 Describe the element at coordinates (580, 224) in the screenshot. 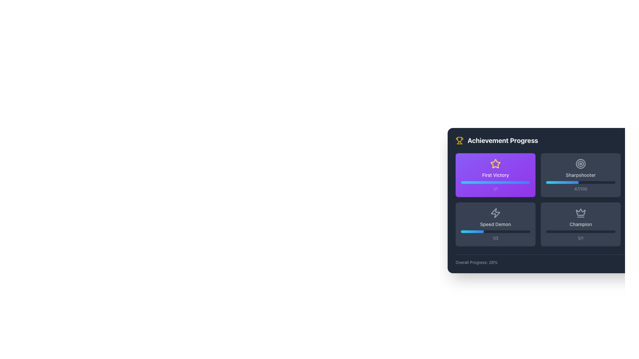

I see `the descriptive text label located within the bottom-right progress card labeled 'Champion', which is situated below a crown icon and above a progress bar` at that location.